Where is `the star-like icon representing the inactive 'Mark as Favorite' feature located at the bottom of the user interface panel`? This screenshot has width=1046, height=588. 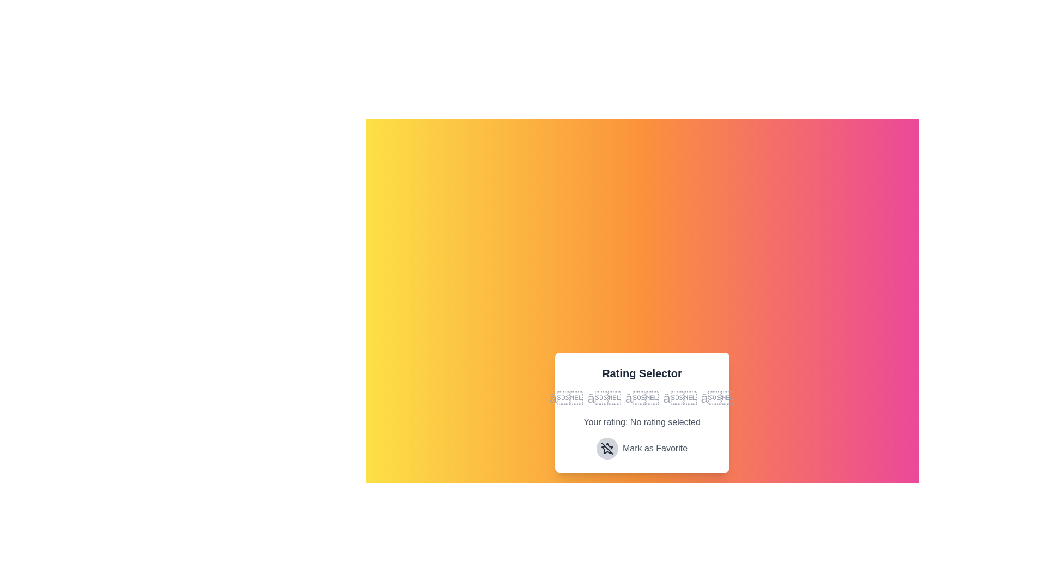 the star-like icon representing the inactive 'Mark as Favorite' feature located at the bottom of the user interface panel is located at coordinates (606, 449).